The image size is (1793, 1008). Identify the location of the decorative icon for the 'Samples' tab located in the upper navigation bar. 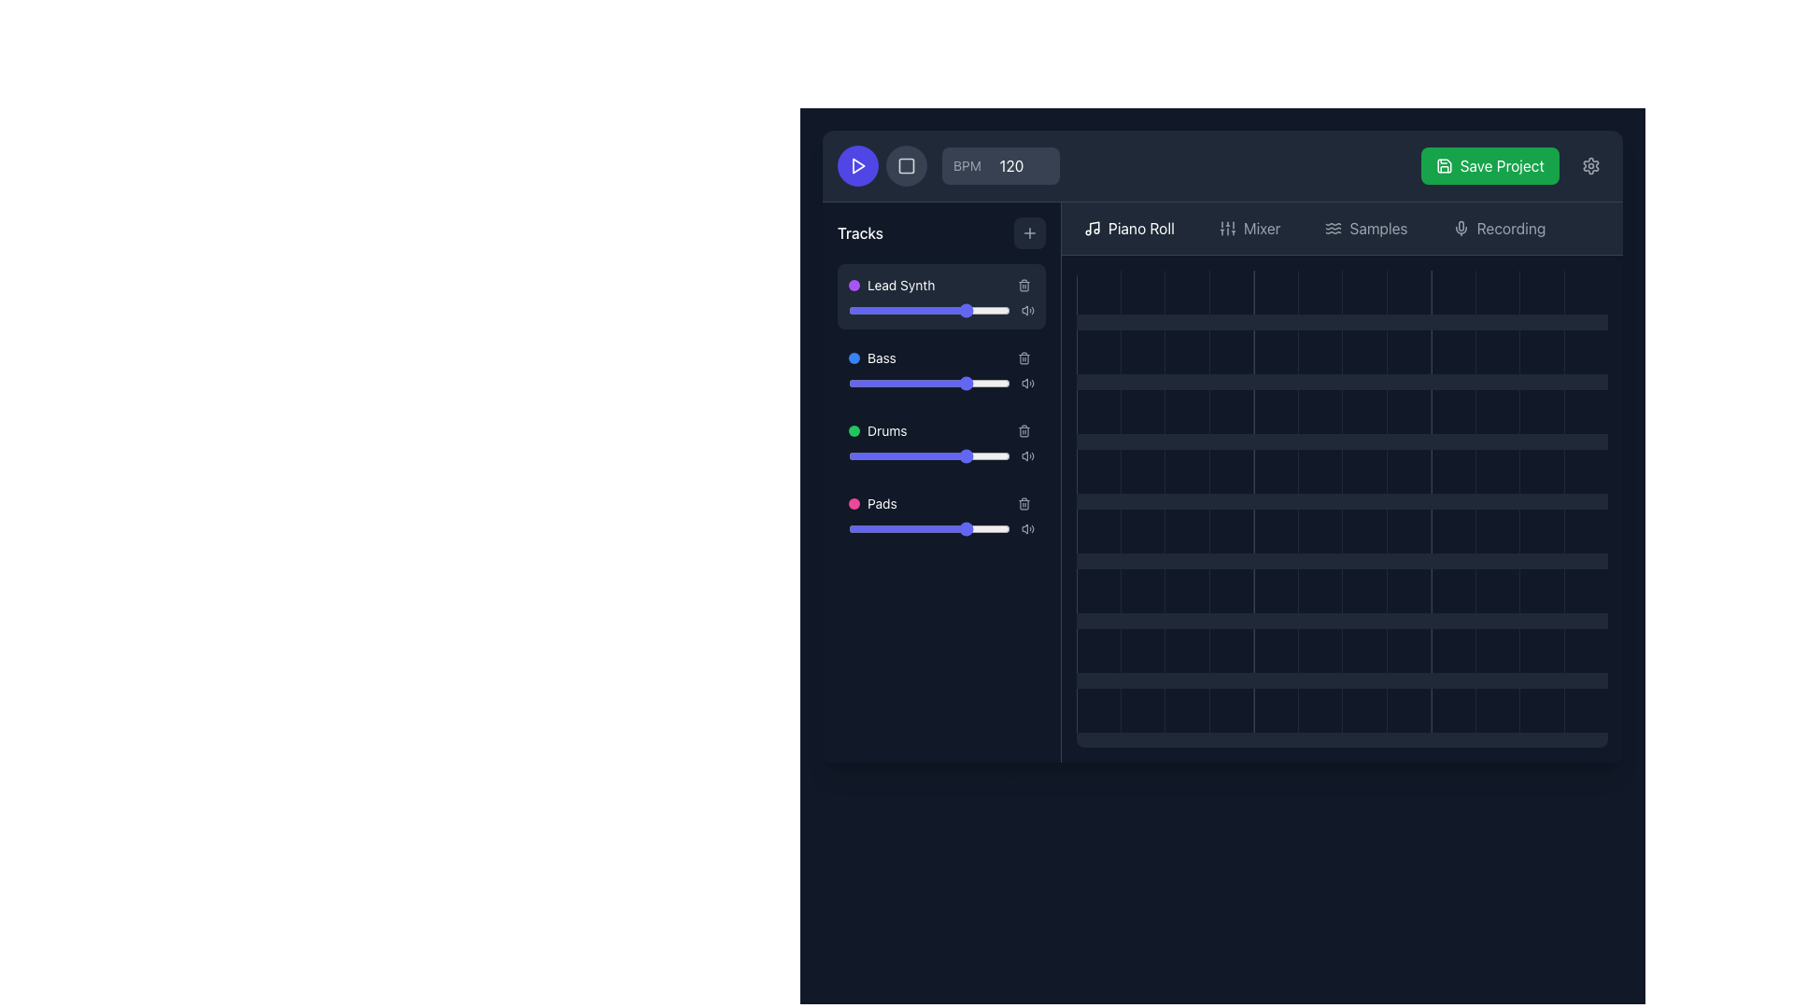
(1333, 228).